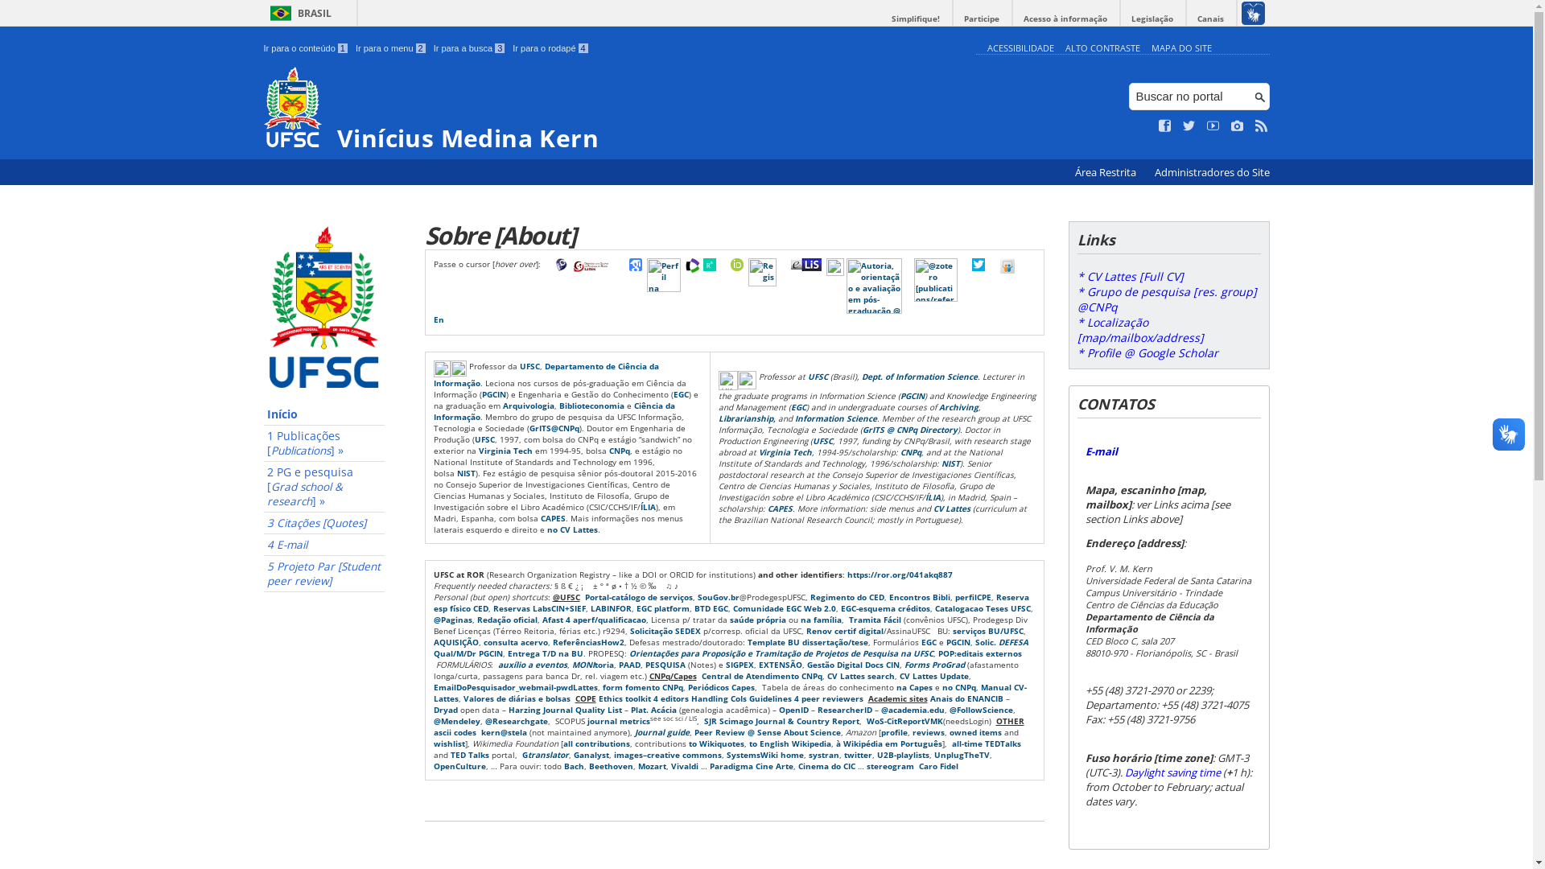 This screenshot has width=1545, height=869. I want to click on '@zotero [publications/reference management]', so click(935, 278).